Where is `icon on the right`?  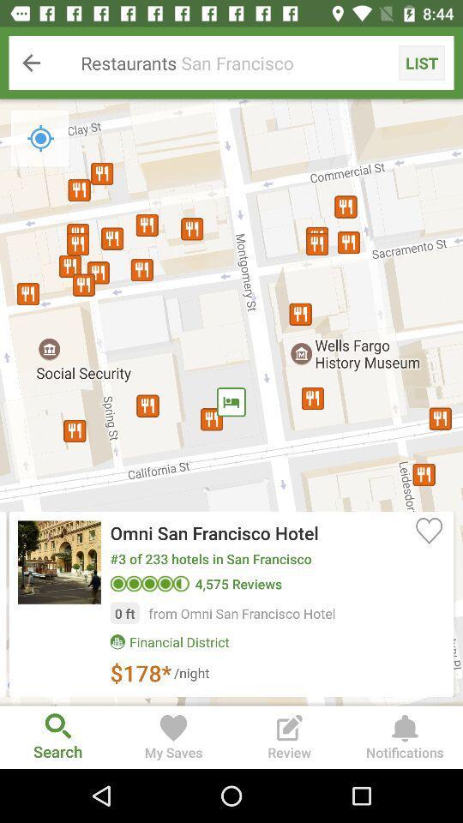
icon on the right is located at coordinates (428, 529).